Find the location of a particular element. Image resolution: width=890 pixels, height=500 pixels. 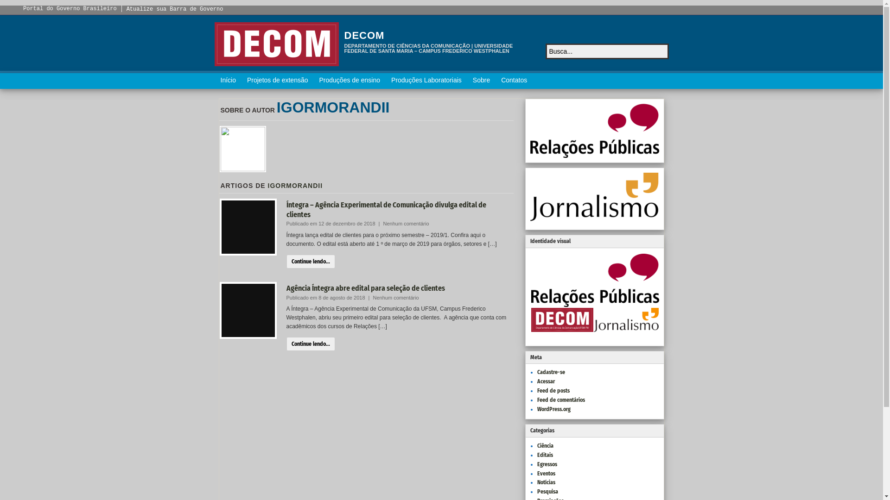

'Feed de posts' is located at coordinates (553, 391).